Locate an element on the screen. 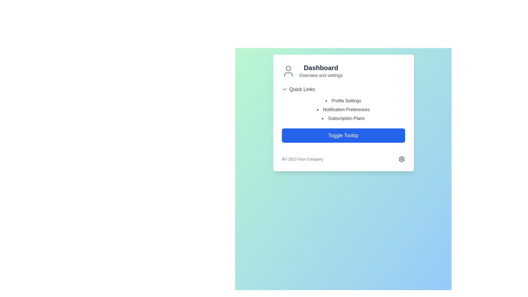 Image resolution: width=528 pixels, height=297 pixels. the 'Notification Preferences' text element in the second position of the bulleted list within the 'Quick Links' section is located at coordinates (343, 113).